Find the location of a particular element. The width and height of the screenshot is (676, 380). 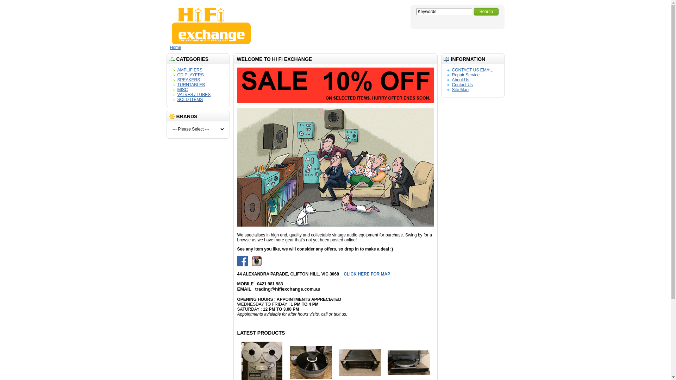

'MISC' is located at coordinates (182, 89).